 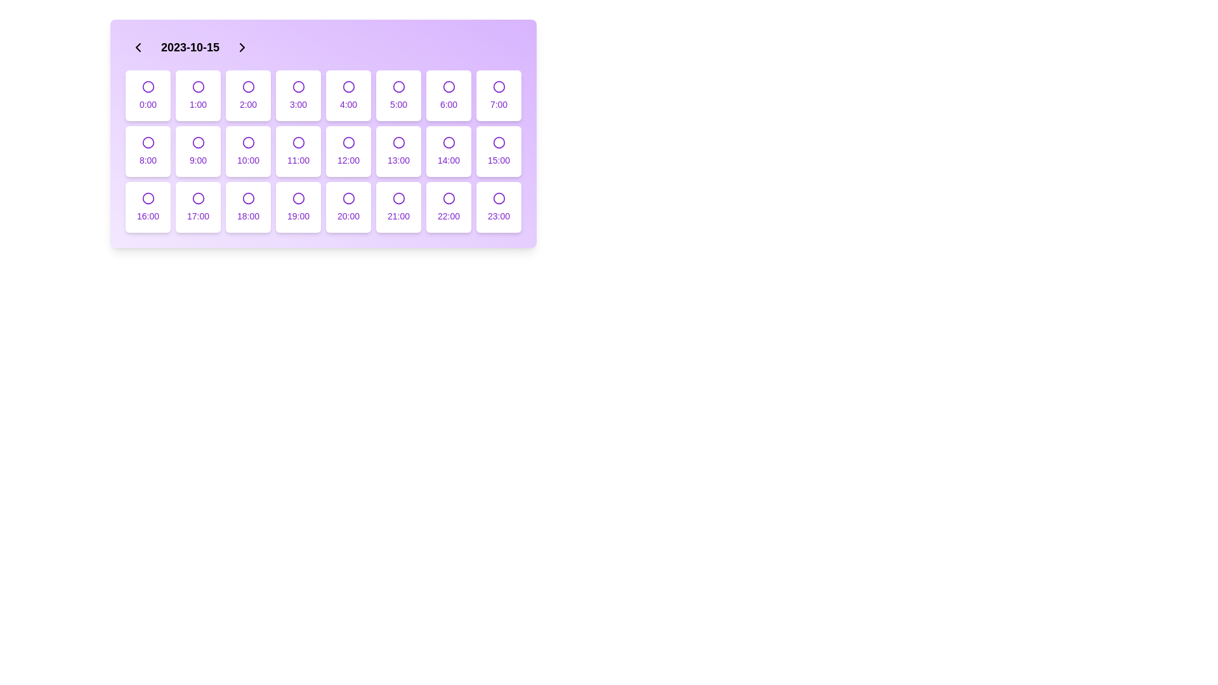 I want to click on the Circular Icon within the '16:00' time-slot card, so click(x=148, y=198).